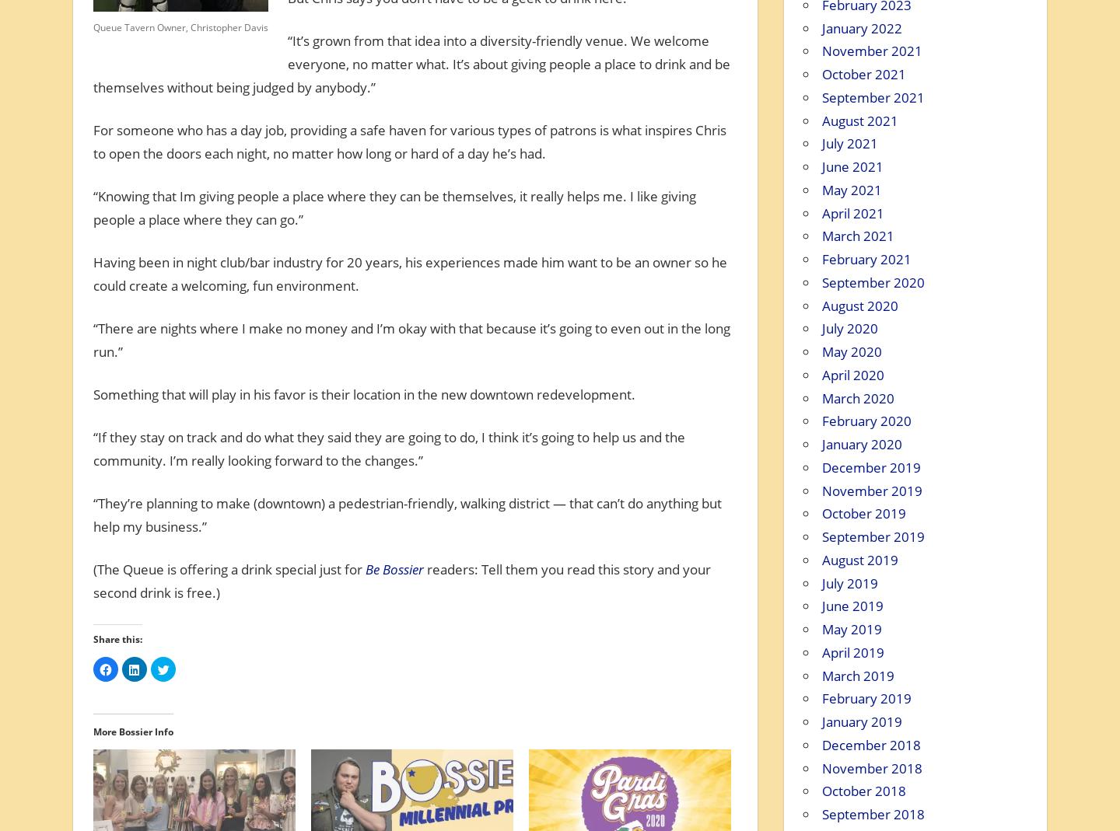 Image resolution: width=1120 pixels, height=831 pixels. I want to click on '“If they stay on track and do what they said they are going to do, I think it’s going to help us and the community. I’m really looking forward to the changes.”', so click(387, 449).